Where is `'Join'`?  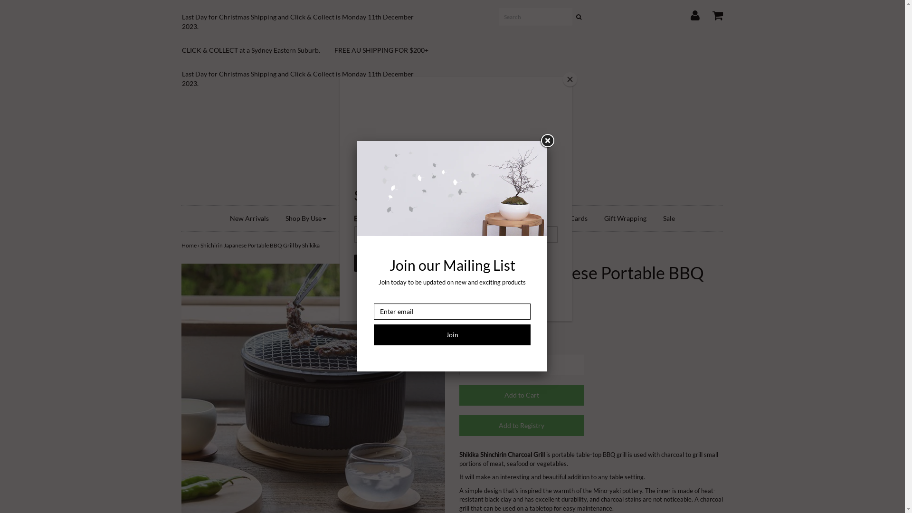 'Join' is located at coordinates (451, 334).